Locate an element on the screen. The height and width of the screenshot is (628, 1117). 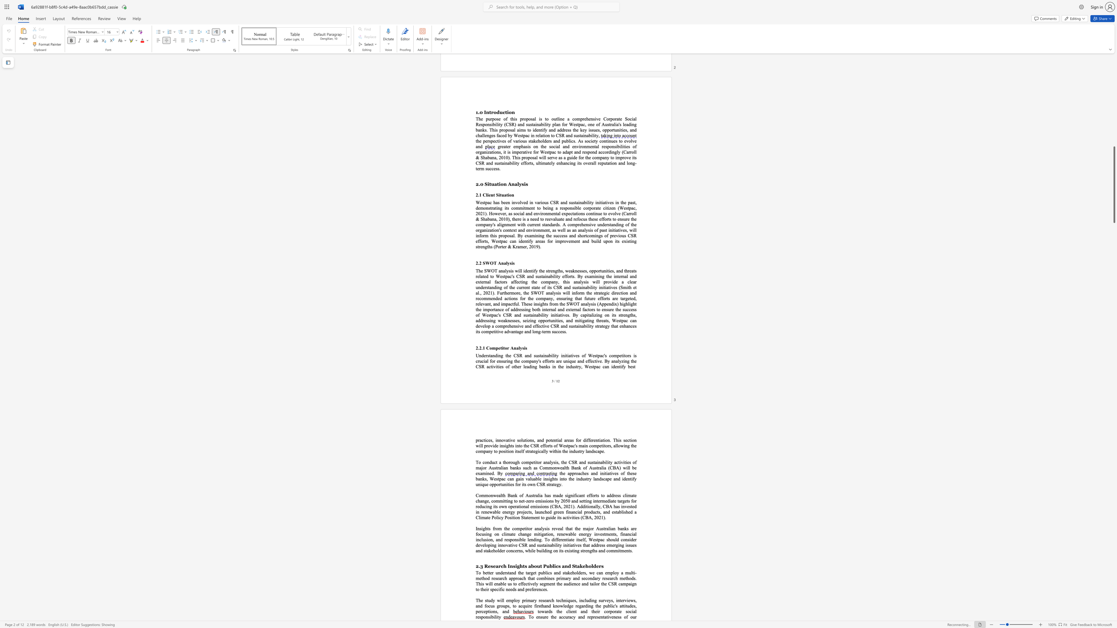
the 8th character "e" in the text is located at coordinates (573, 478).